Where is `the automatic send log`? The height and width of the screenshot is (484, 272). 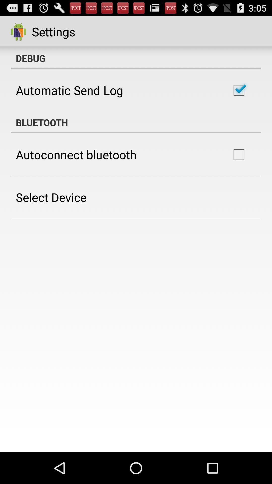
the automatic send log is located at coordinates (70, 90).